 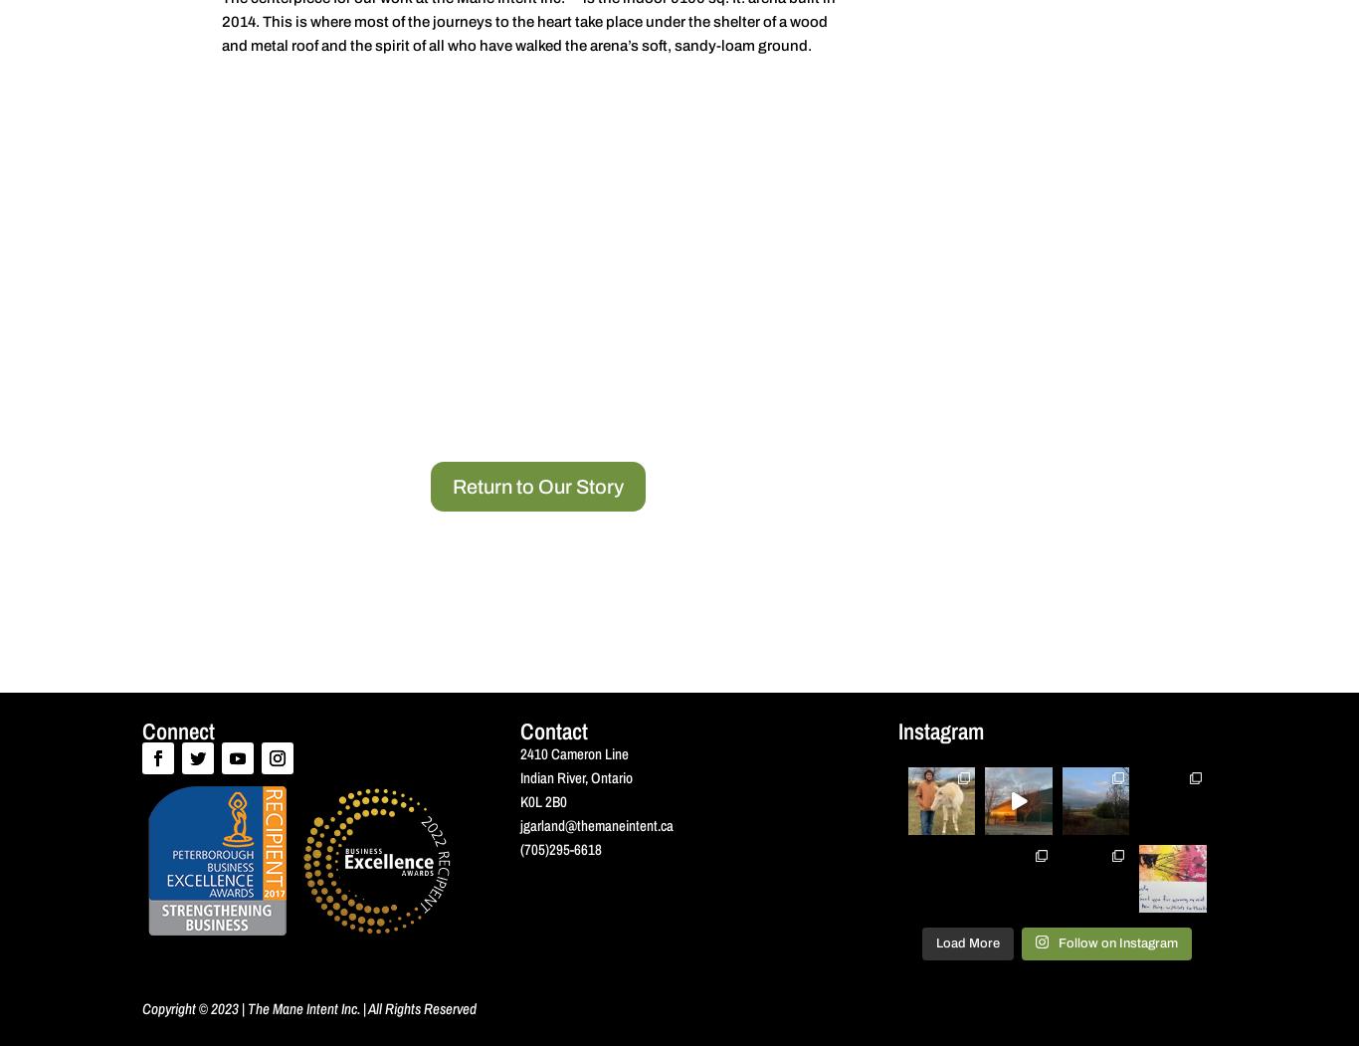 What do you see at coordinates (1116, 941) in the screenshot?
I see `'Follow on Instagram'` at bounding box center [1116, 941].